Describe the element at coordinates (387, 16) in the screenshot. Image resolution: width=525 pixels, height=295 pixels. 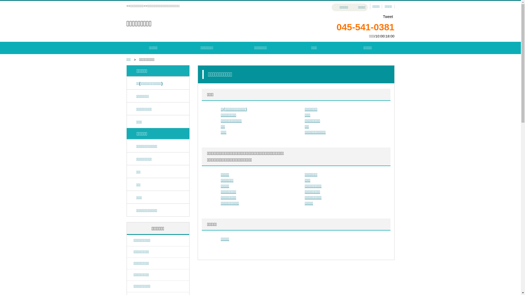
I see `'Tweet'` at that location.